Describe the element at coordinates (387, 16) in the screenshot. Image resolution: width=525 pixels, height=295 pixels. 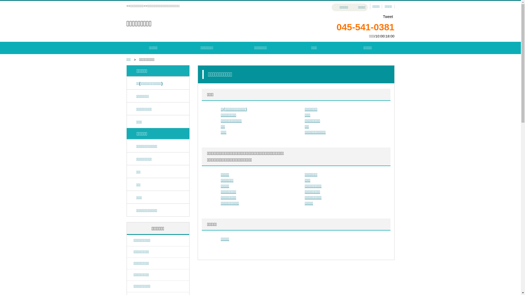
I see `'Tweet'` at that location.